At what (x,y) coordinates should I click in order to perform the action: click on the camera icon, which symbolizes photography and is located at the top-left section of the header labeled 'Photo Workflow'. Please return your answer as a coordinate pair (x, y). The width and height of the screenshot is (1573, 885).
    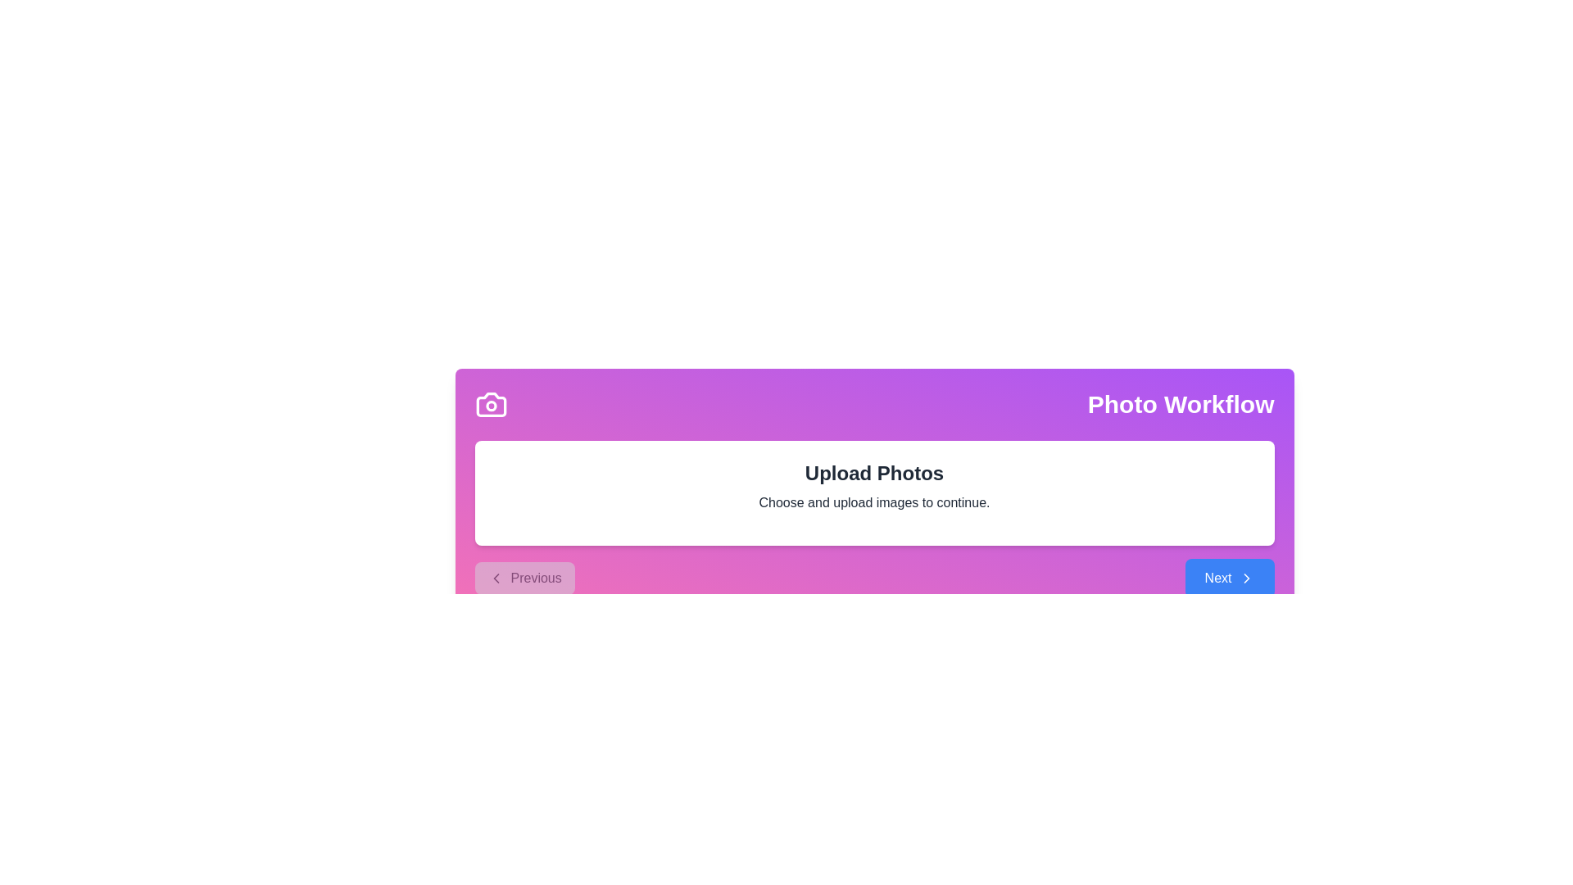
    Looking at the image, I should click on (490, 404).